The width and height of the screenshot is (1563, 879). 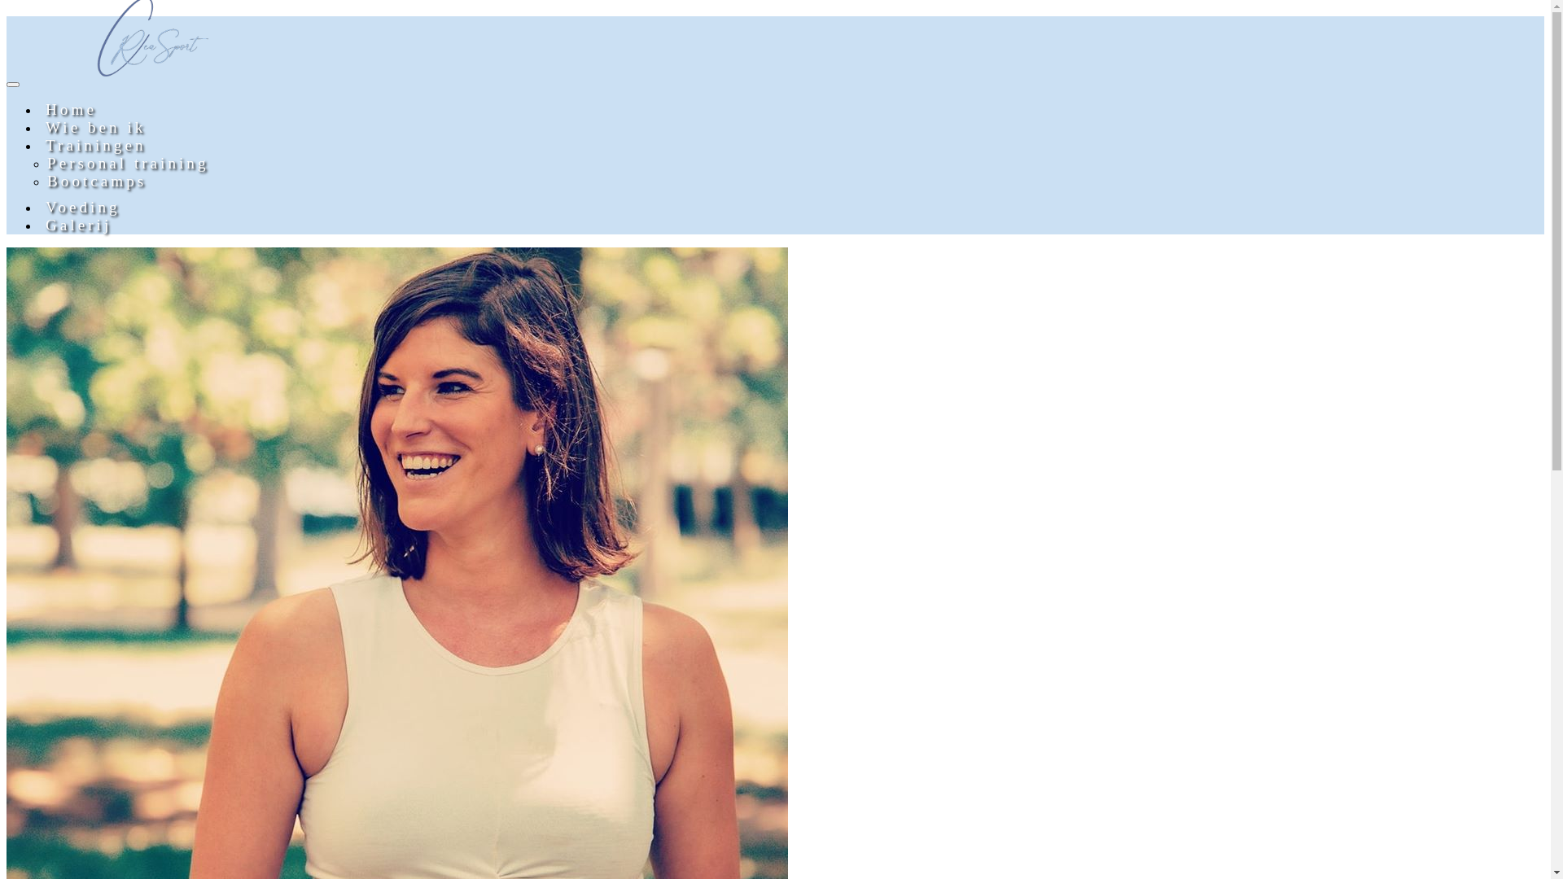 I want to click on 'Bootcamps', so click(x=96, y=181).